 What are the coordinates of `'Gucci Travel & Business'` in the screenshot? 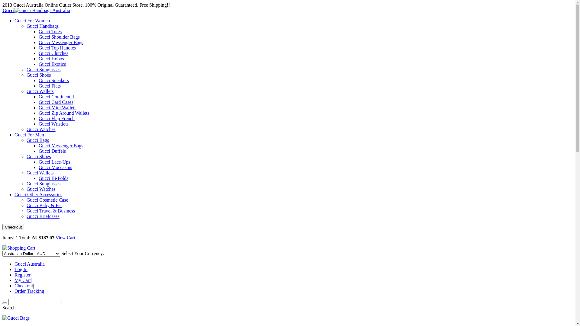 It's located at (51, 210).